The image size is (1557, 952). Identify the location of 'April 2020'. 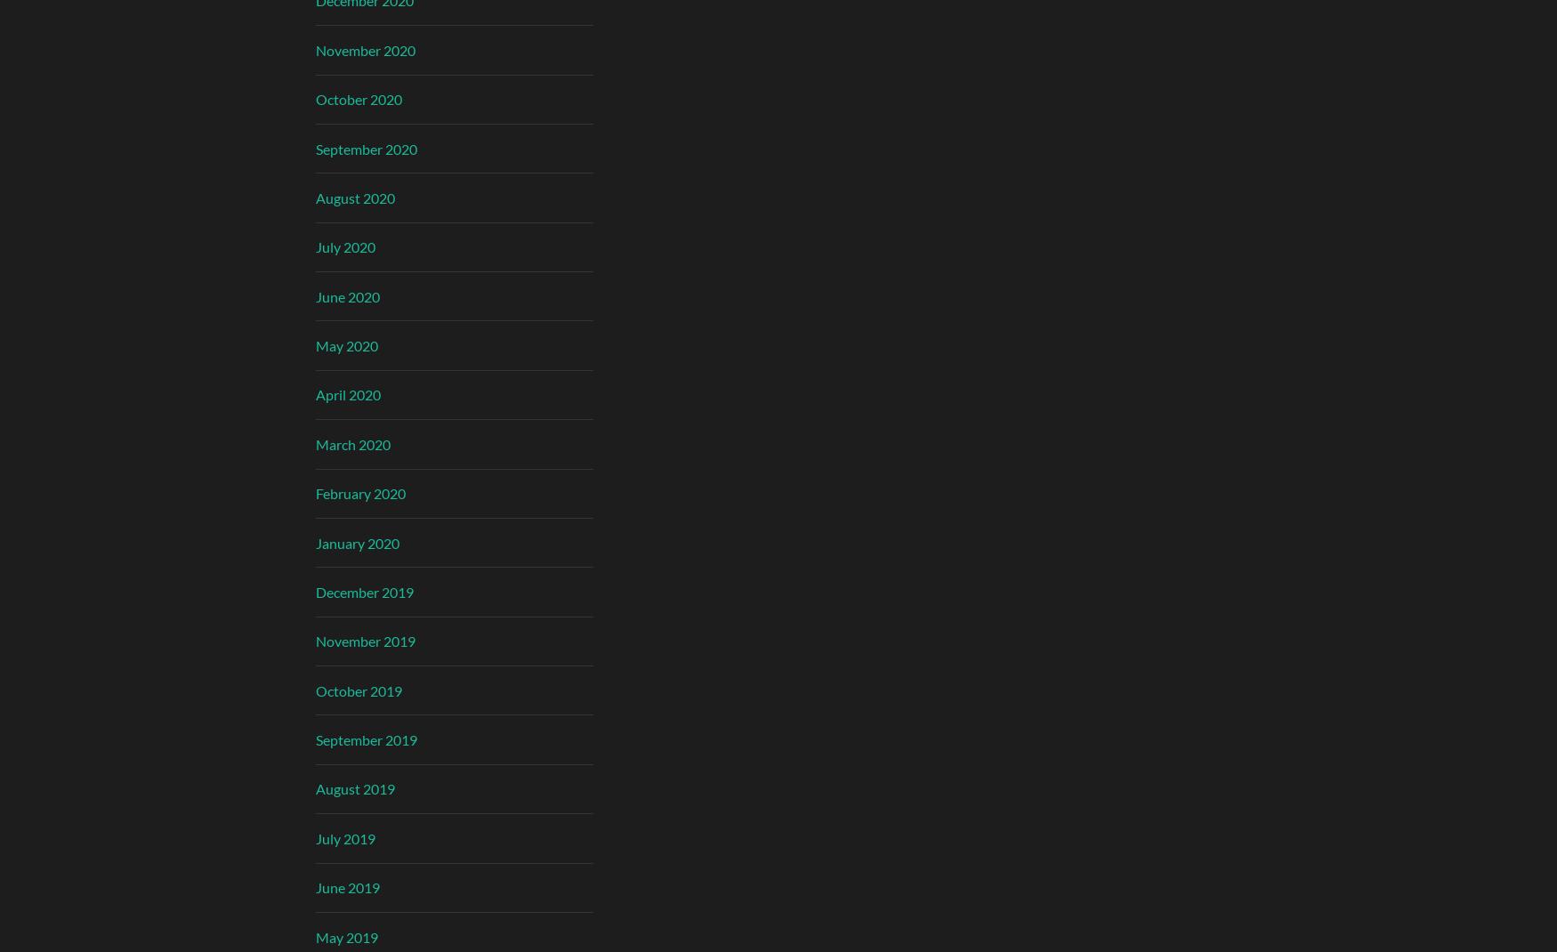
(316, 393).